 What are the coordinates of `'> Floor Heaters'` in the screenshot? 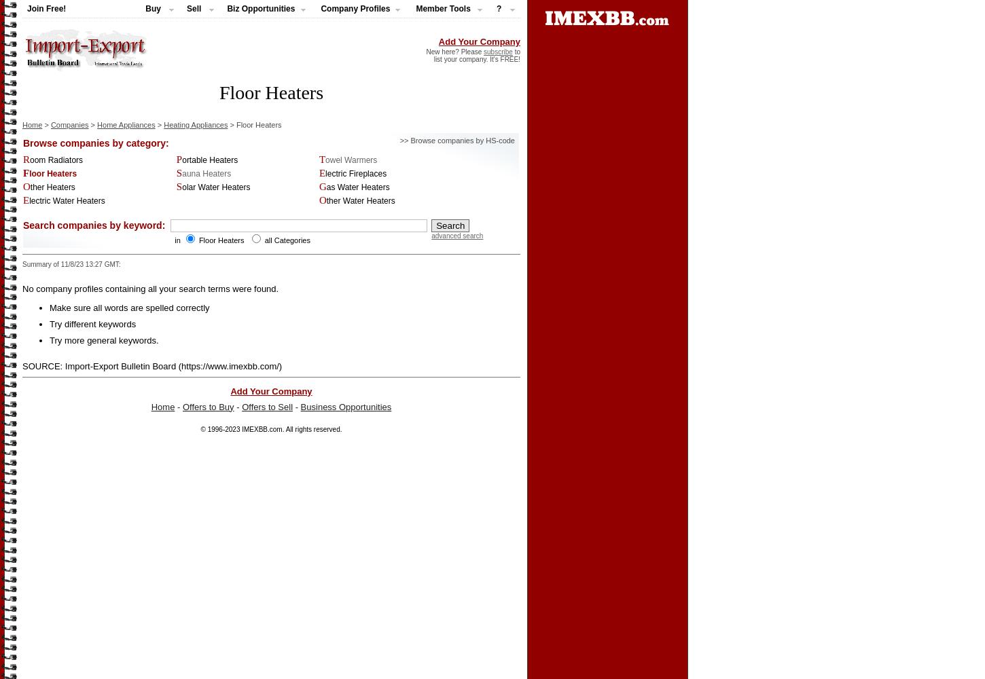 It's located at (227, 124).